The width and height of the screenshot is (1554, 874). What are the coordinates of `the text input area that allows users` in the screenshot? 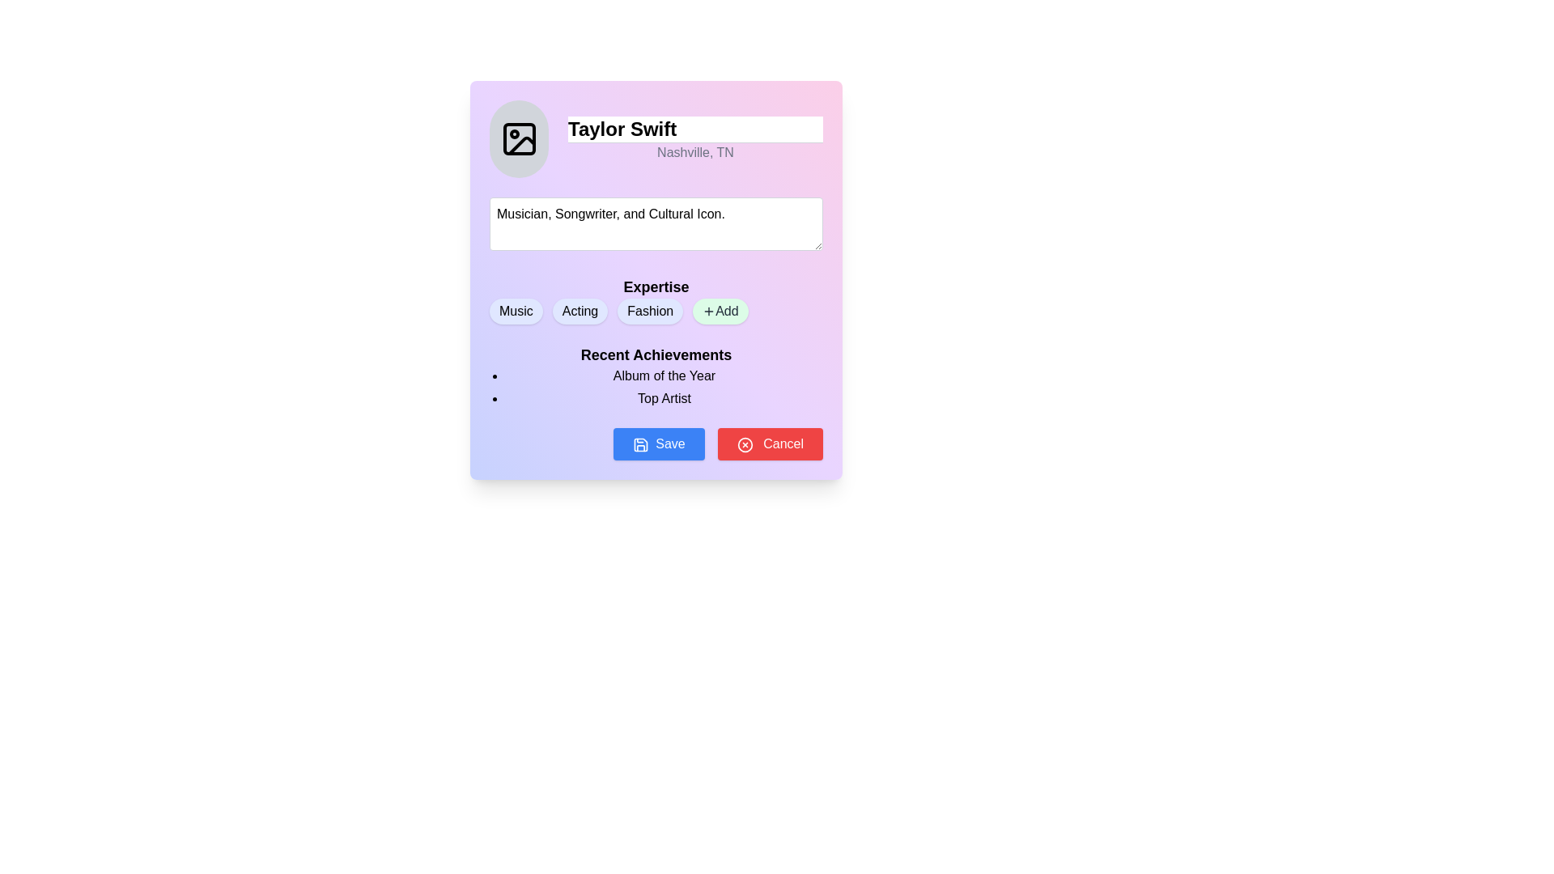 It's located at (656, 227).